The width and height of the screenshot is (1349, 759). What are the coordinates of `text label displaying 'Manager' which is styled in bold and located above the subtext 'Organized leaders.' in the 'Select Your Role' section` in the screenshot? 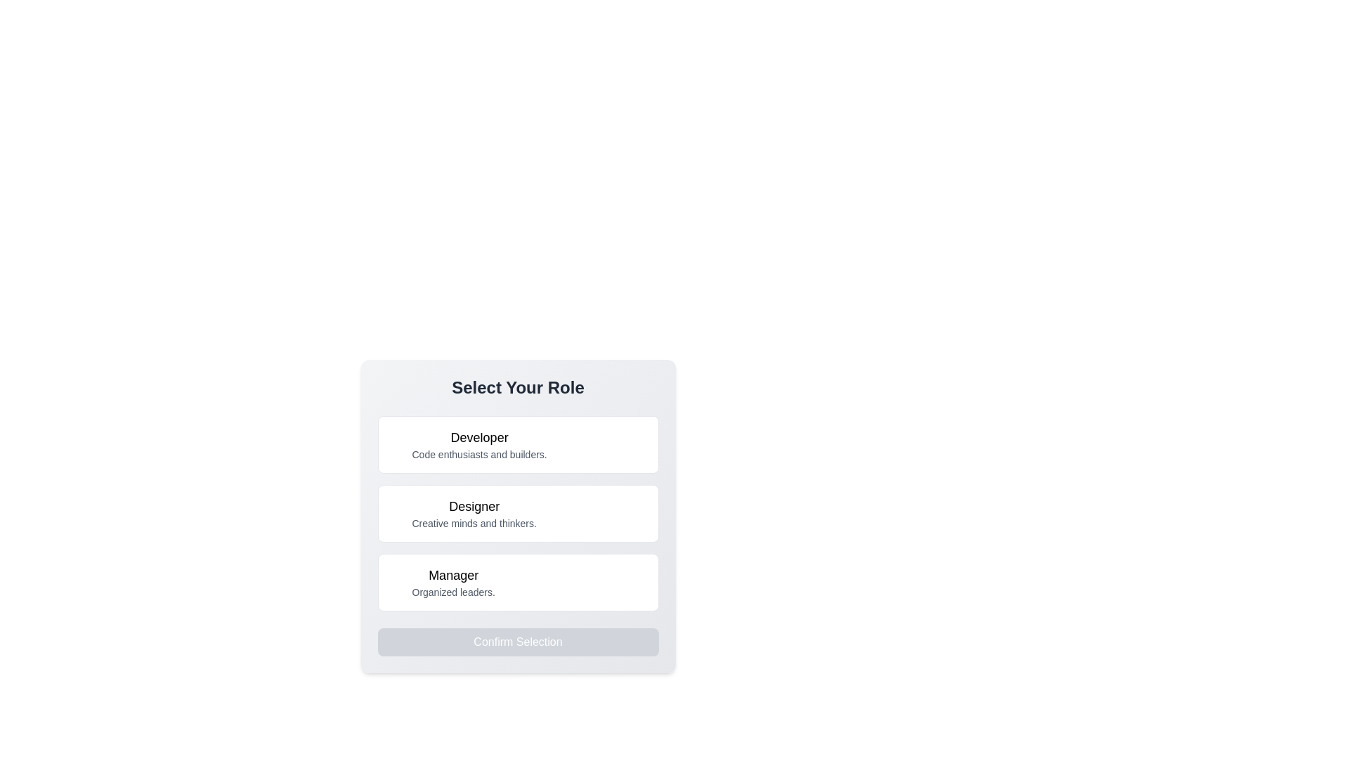 It's located at (453, 575).